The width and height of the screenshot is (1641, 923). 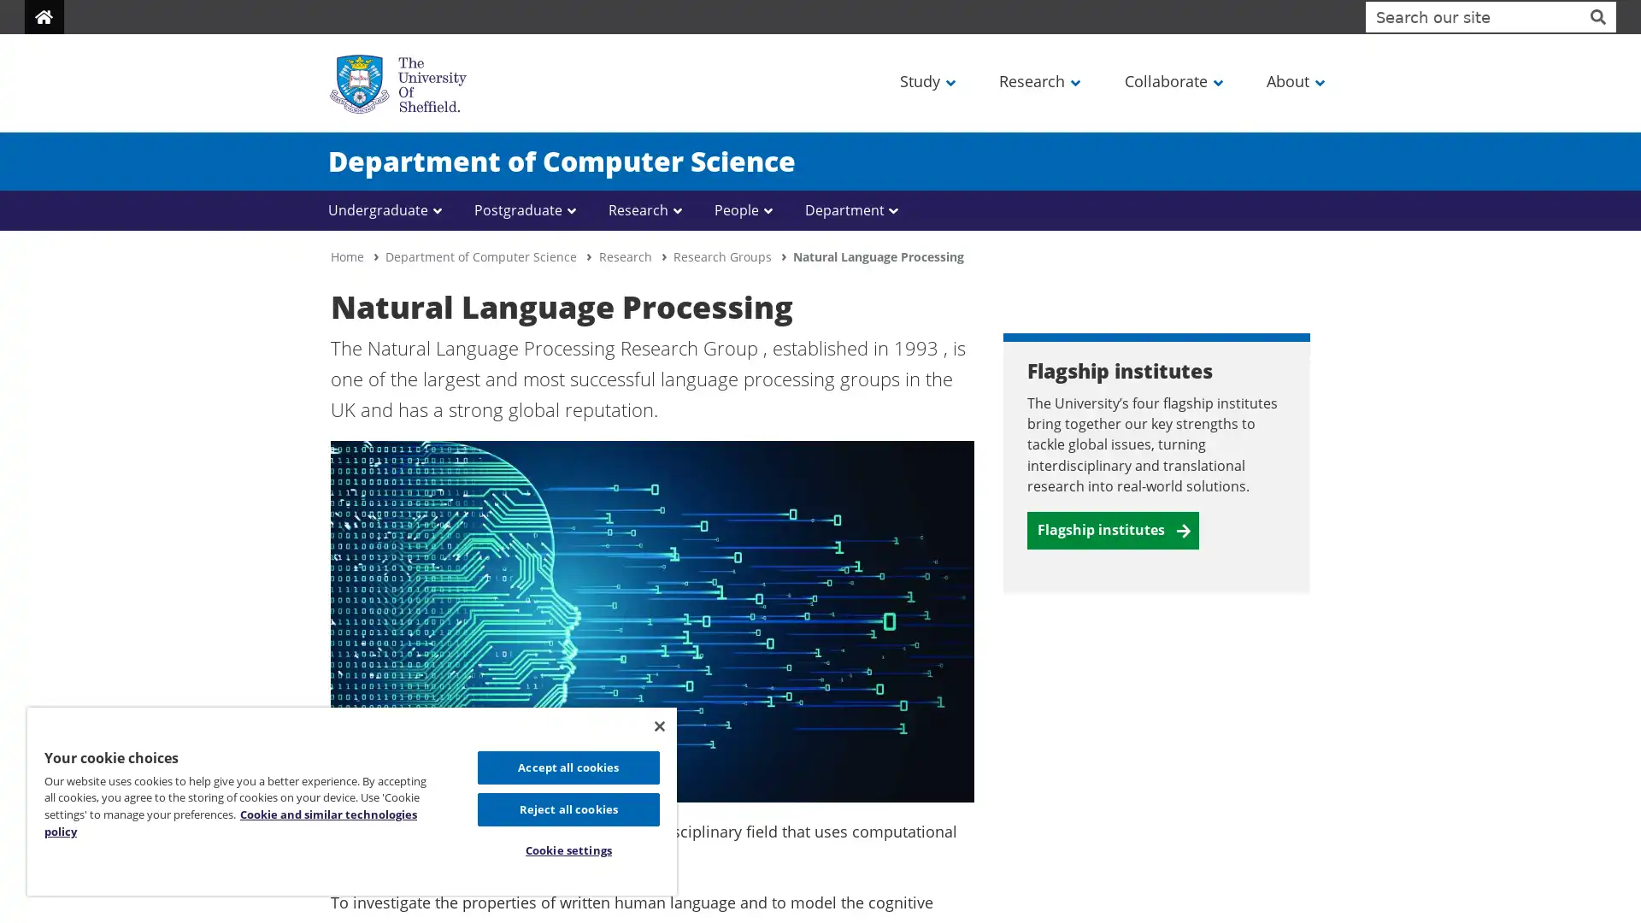 What do you see at coordinates (1597, 16) in the screenshot?
I see `Site search` at bounding box center [1597, 16].